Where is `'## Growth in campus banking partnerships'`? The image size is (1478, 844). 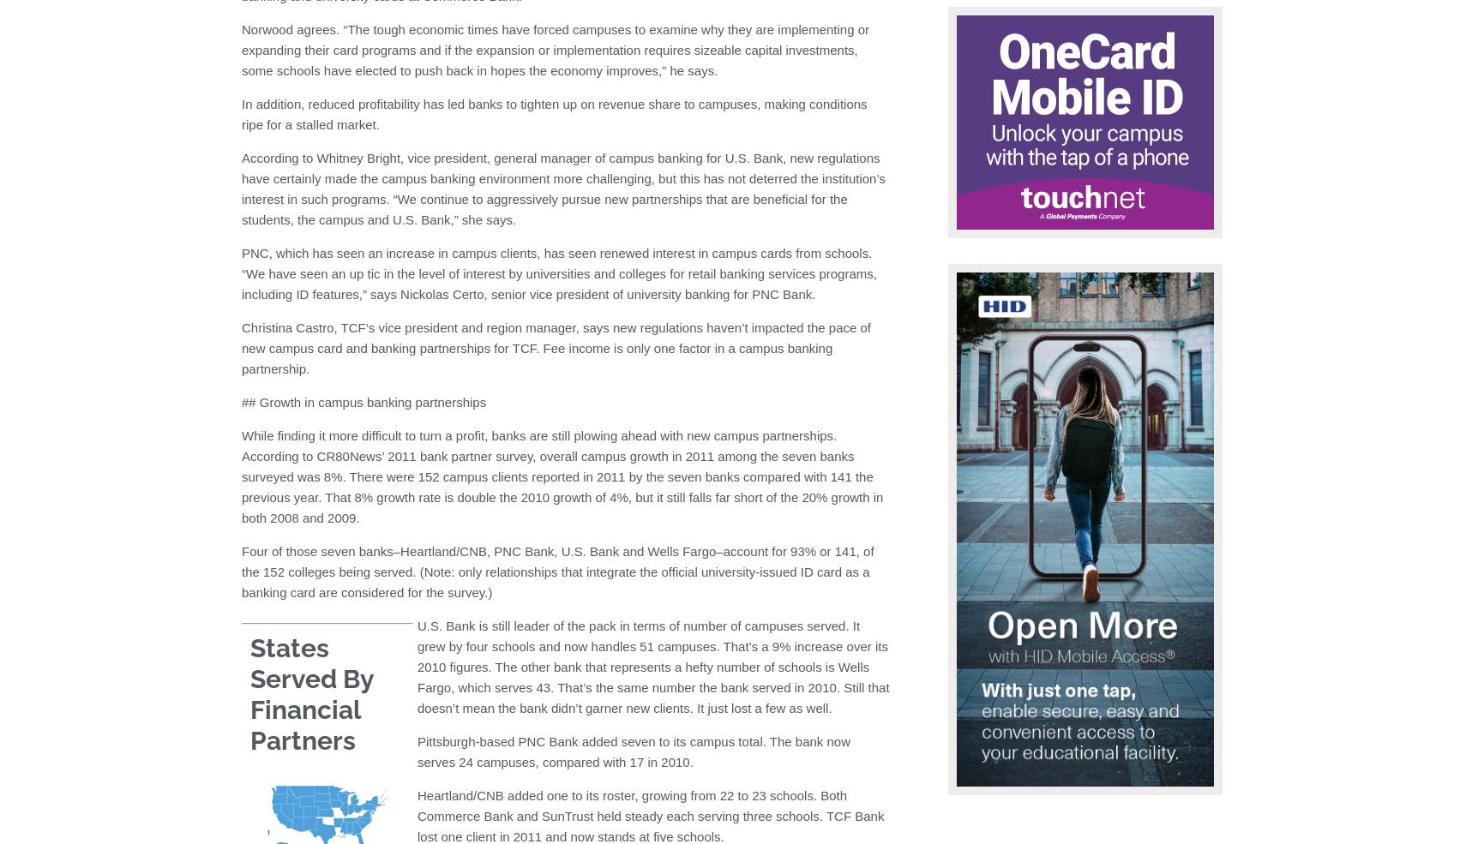 '## Growth in campus banking partnerships' is located at coordinates (363, 401).